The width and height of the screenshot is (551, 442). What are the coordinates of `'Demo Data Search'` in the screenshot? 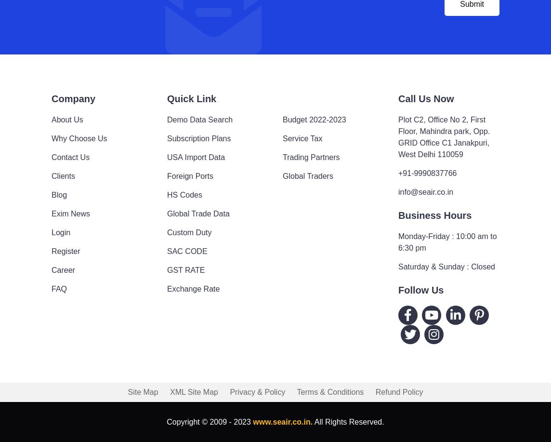 It's located at (200, 119).